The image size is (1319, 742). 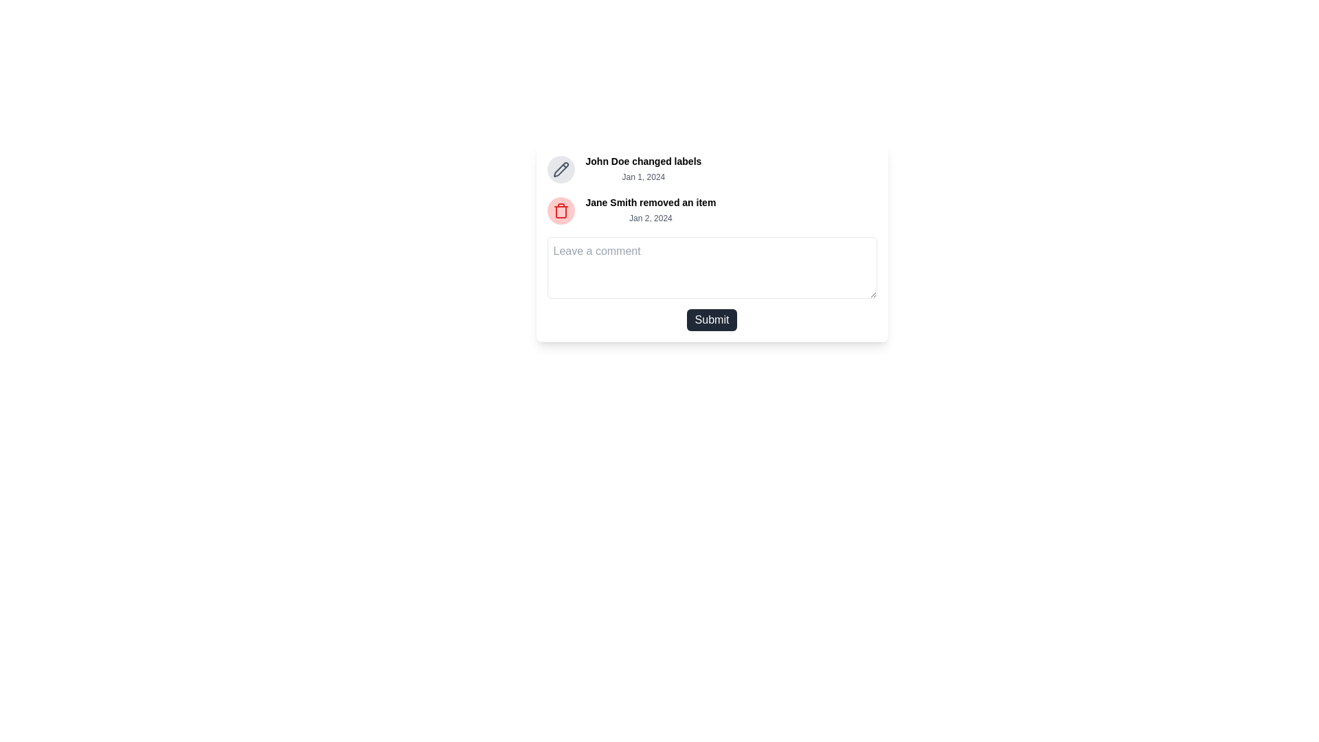 I want to click on the activity removal icon located to the left of the text 'Jane Smith removed an item' and above the date 'Jan 2, 2024', so click(x=561, y=211).